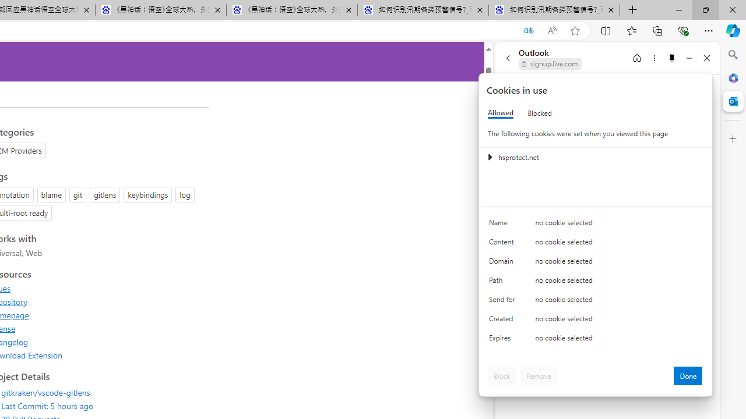  I want to click on 'Blocked', so click(539, 113).